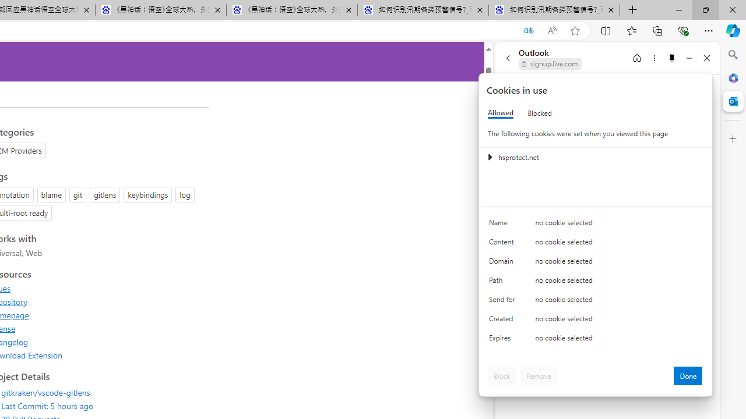  I want to click on 'Blocked', so click(539, 113).